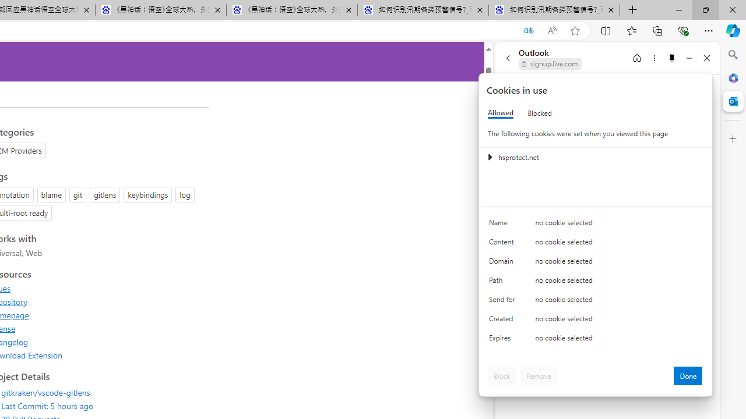  I want to click on 'Blocked', so click(539, 113).